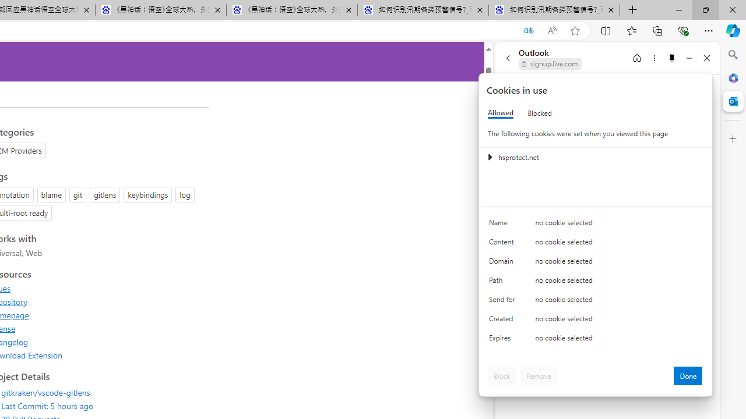  I want to click on 'Blocked', so click(539, 113).